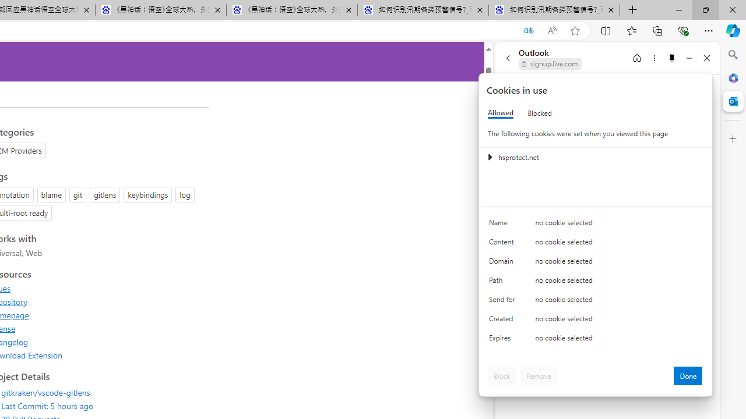  I want to click on 'Blocked', so click(539, 113).